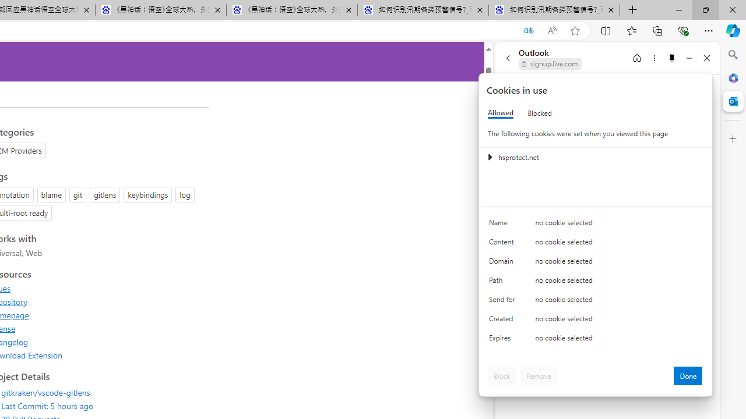  I want to click on 'Blocked', so click(539, 113).